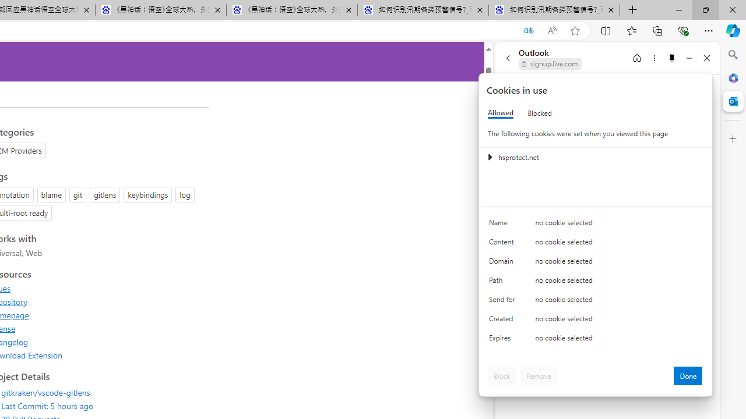  I want to click on 'Blocked', so click(539, 113).